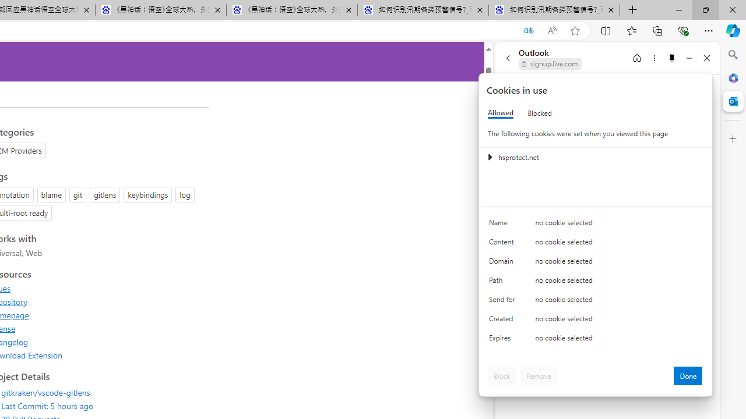  I want to click on 'Blocked', so click(539, 113).